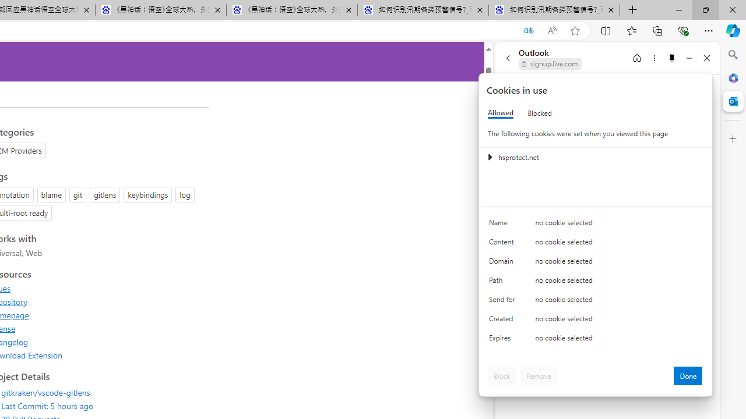  I want to click on 'Blocked', so click(539, 113).